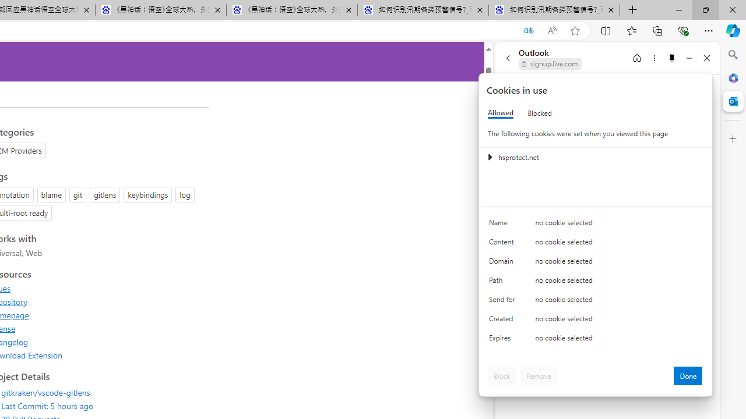  I want to click on 'Blocked', so click(539, 113).